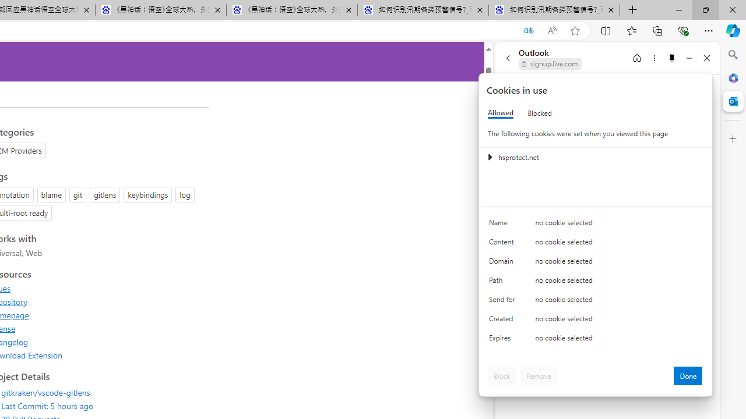  I want to click on 'Blocked', so click(539, 113).